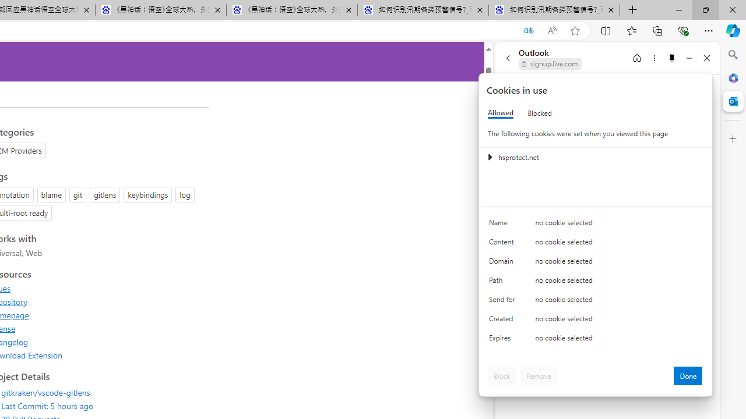  I want to click on 'Blocked', so click(539, 113).